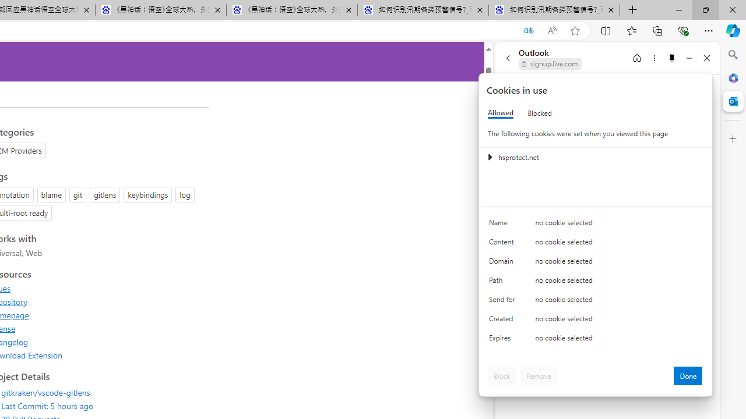  I want to click on 'Blocked', so click(539, 113).